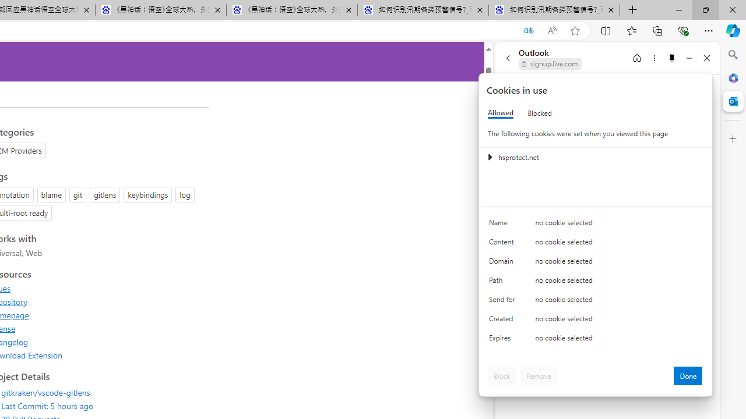  I want to click on 'Blocked', so click(539, 113).